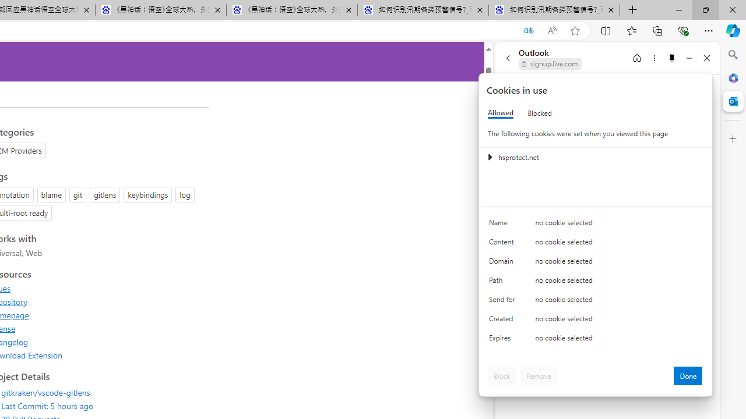  I want to click on 'Blocked', so click(539, 113).